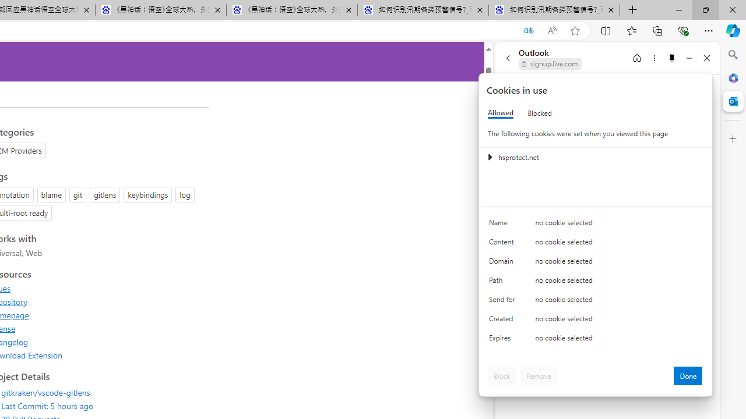  I want to click on 'Blocked', so click(539, 113).